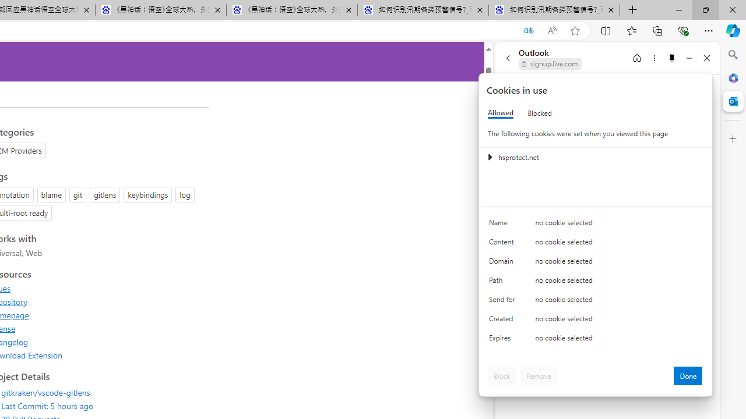  I want to click on 'Blocked', so click(539, 113).